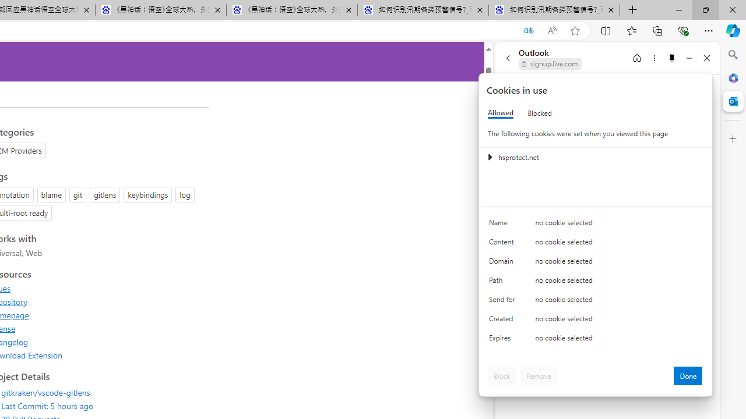  I want to click on 'Blocked', so click(539, 113).